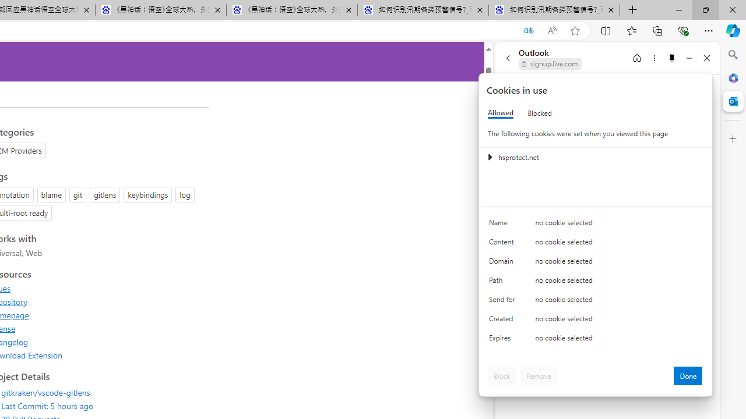  I want to click on 'Blocked', so click(539, 113).